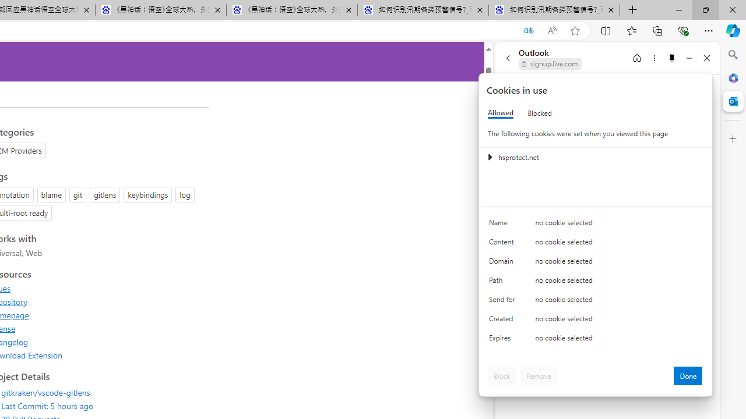  I want to click on 'Blocked', so click(539, 113).